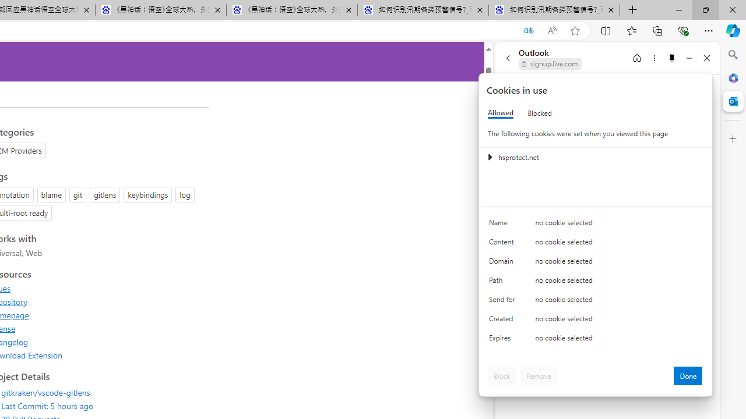  I want to click on 'Blocked', so click(539, 113).